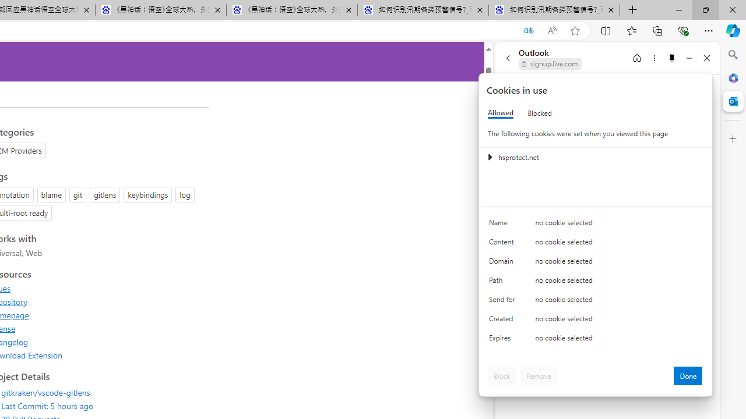  I want to click on 'Blocked', so click(539, 113).